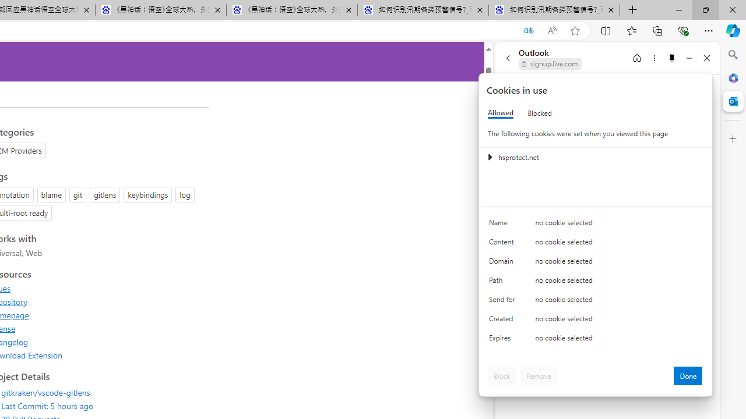  I want to click on 'Blocked', so click(539, 113).